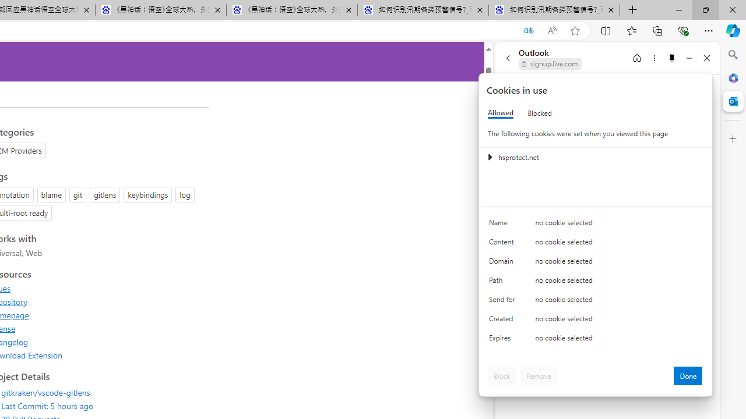  I want to click on 'Blocked', so click(539, 113).